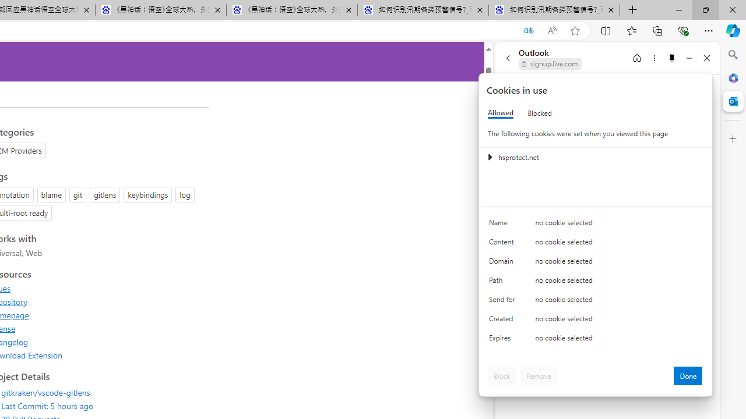  I want to click on 'Blocked', so click(539, 113).